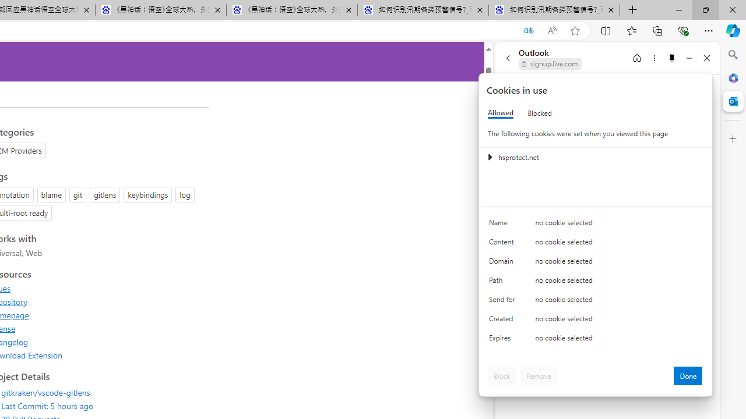  I want to click on 'Blocked', so click(539, 113).